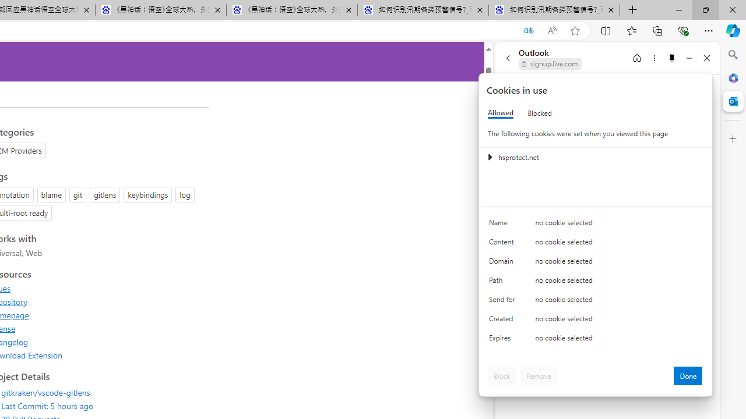  I want to click on 'Blocked', so click(539, 113).